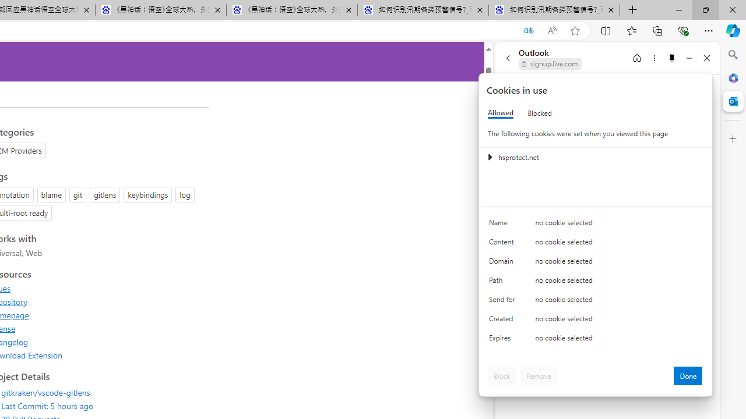  I want to click on 'Blocked', so click(539, 113).